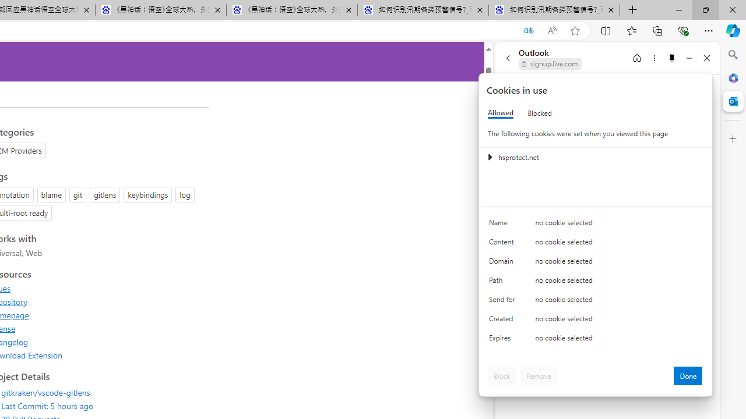  I want to click on 'Blocked', so click(539, 113).